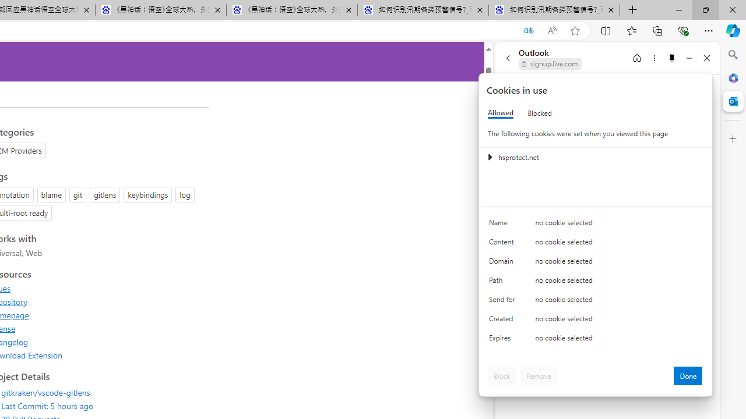  I want to click on 'Blocked', so click(539, 113).